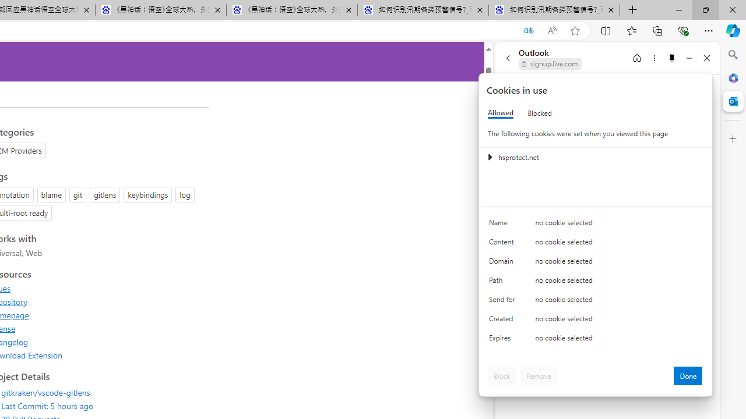  I want to click on 'Blocked', so click(539, 113).